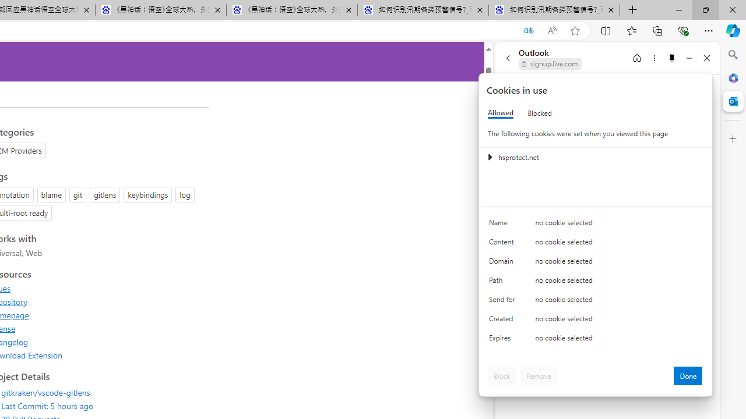  I want to click on 'Blocked', so click(539, 113).